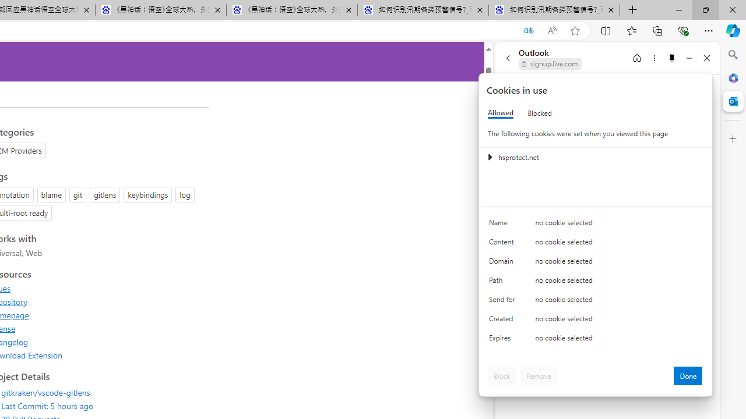  I want to click on 'Blocked', so click(539, 113).